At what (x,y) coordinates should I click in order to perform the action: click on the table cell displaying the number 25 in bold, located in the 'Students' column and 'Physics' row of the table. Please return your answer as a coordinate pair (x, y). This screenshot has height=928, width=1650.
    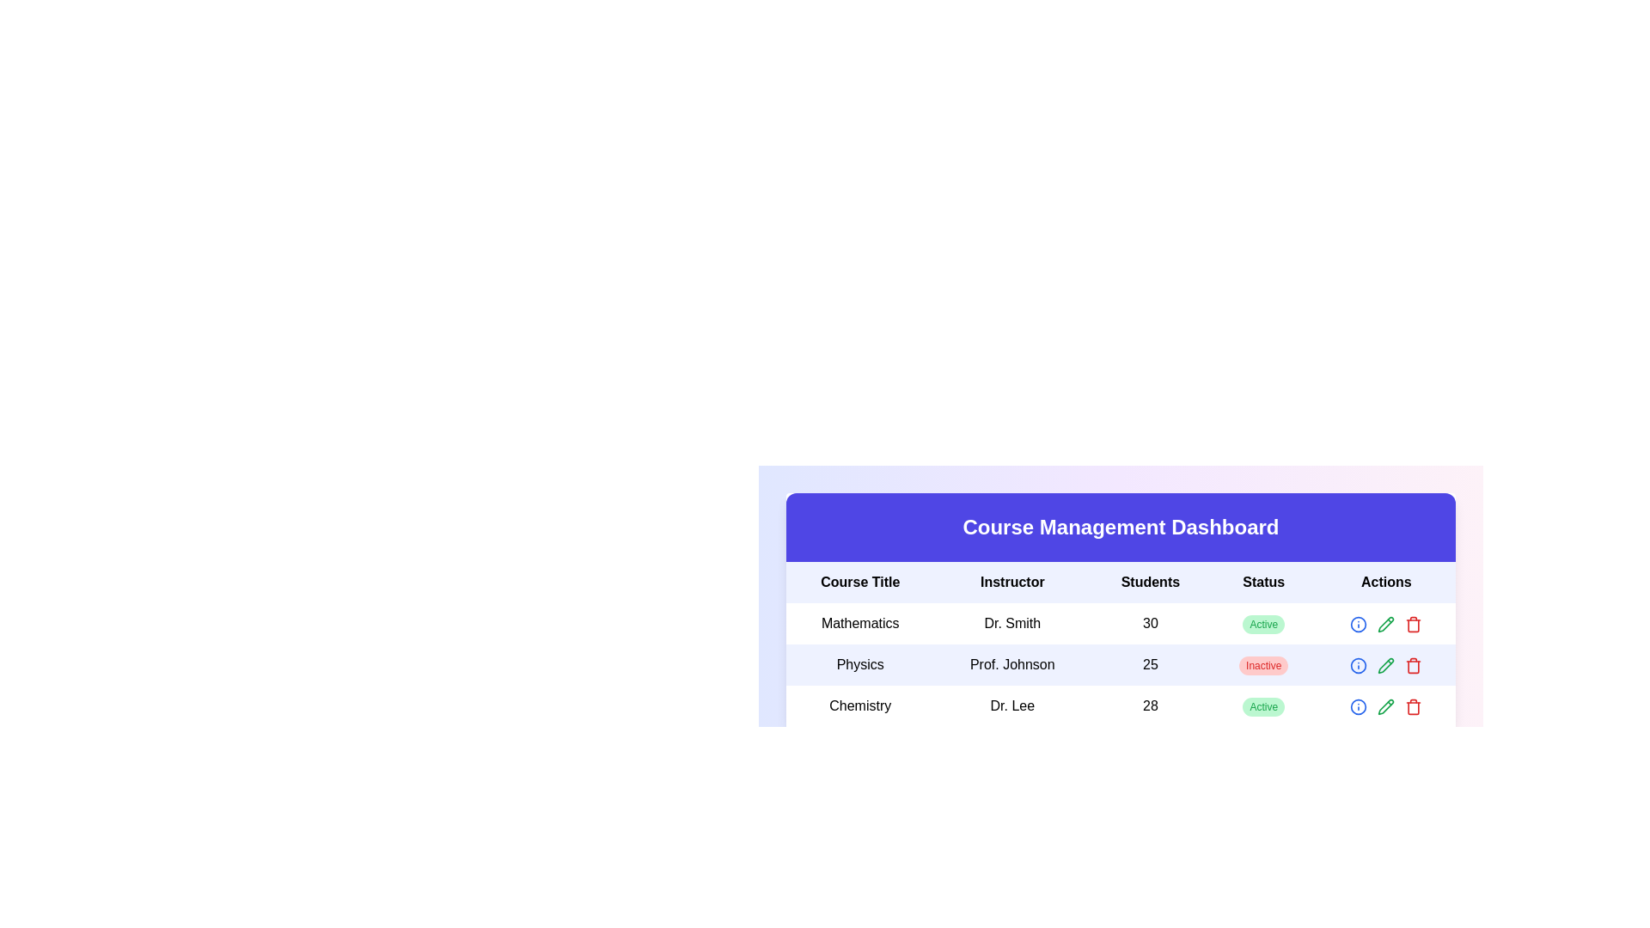
    Looking at the image, I should click on (1150, 664).